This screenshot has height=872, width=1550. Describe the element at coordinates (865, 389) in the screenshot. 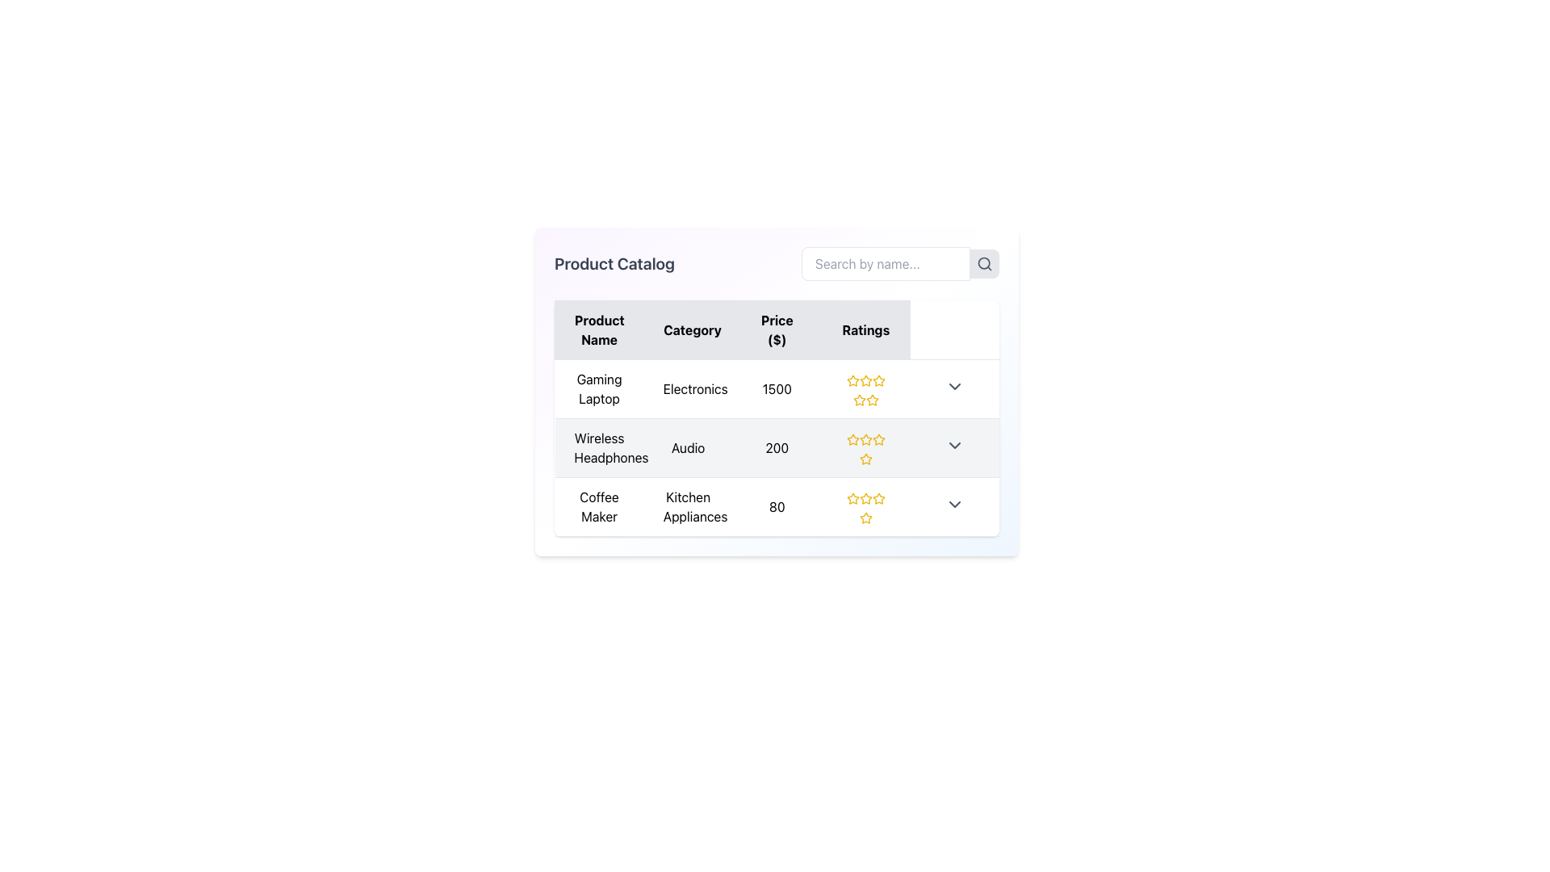

I see `the yellow star icons representing the rating display for the 'Gaming Laptop' in the 'Ratings' column of the table` at that location.